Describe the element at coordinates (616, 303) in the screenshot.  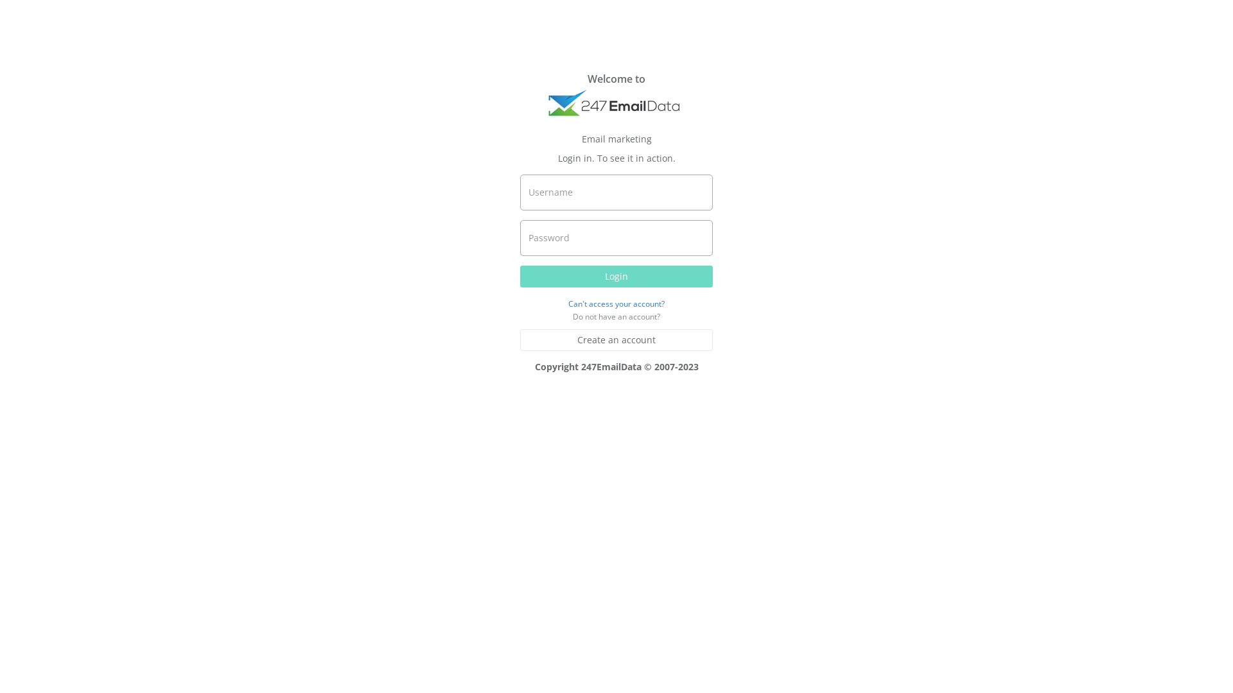
I see `'Can't access your account?'` at that location.